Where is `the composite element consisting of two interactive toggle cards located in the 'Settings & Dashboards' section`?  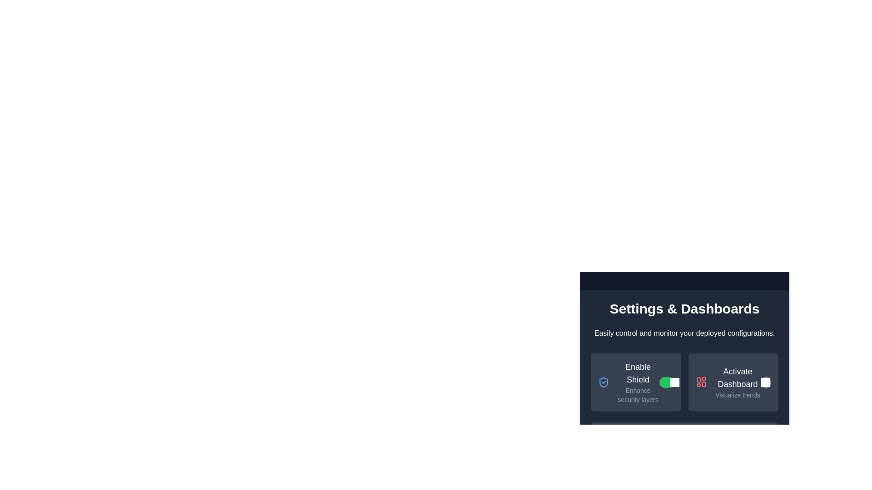
the composite element consisting of two interactive toggle cards located in the 'Settings & Dashboards' section is located at coordinates (684, 382).